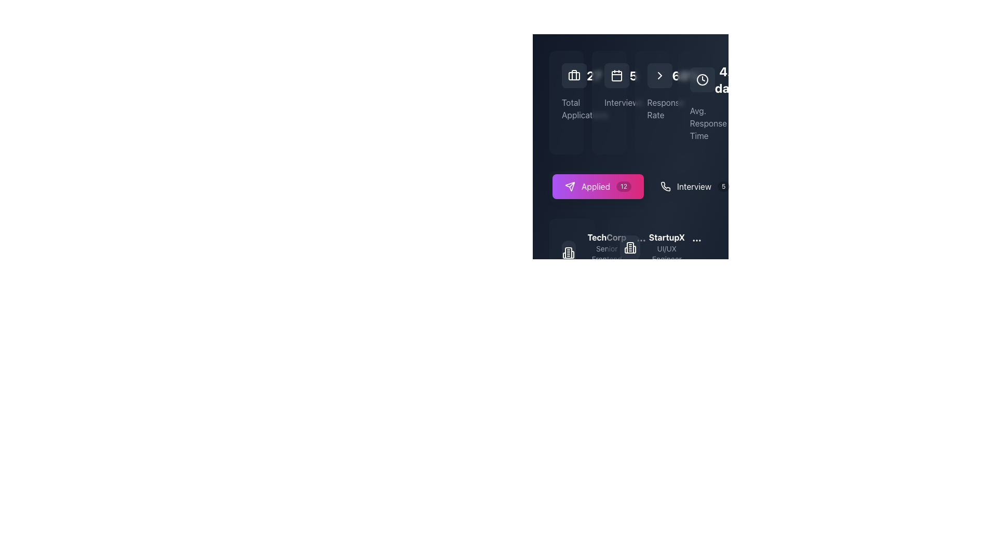 The height and width of the screenshot is (560, 997). Describe the element at coordinates (617, 75) in the screenshot. I see `the body portion of the calendar icon located in the menu bar at the top section of the layout` at that location.